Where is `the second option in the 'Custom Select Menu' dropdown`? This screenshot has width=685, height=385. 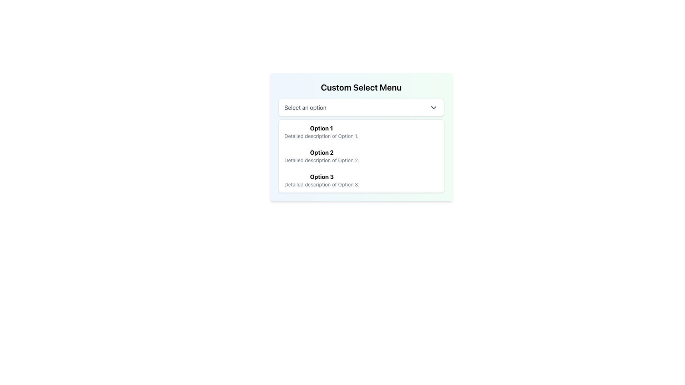
the second option in the 'Custom Select Menu' dropdown is located at coordinates (321, 156).